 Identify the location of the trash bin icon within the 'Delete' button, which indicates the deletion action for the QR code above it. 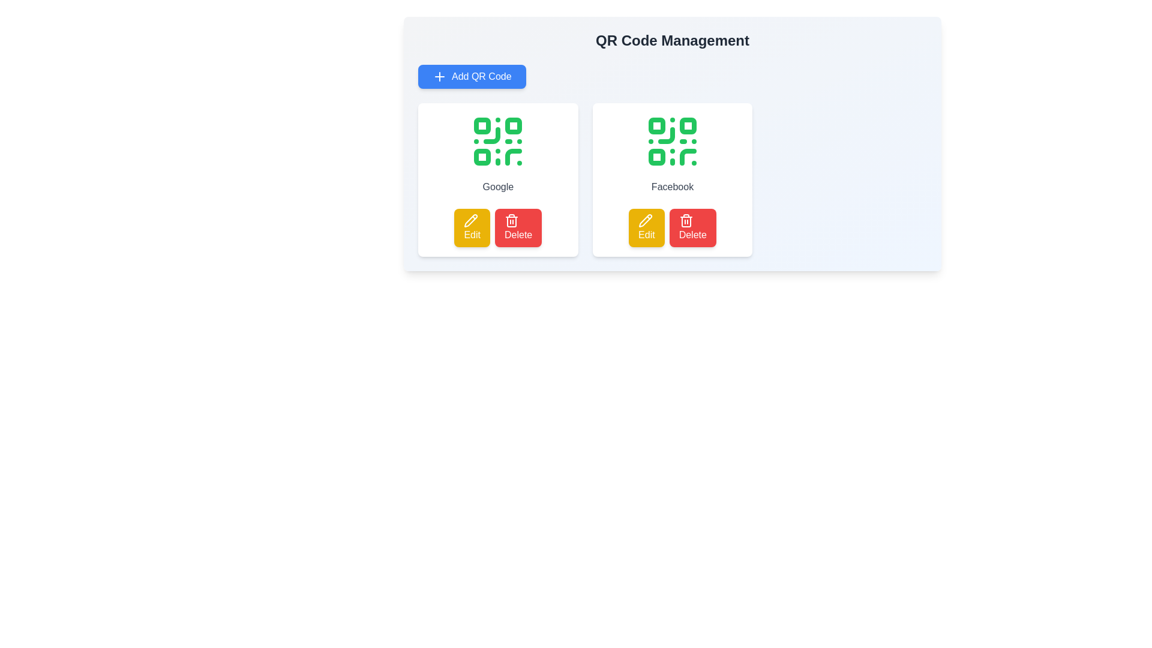
(512, 220).